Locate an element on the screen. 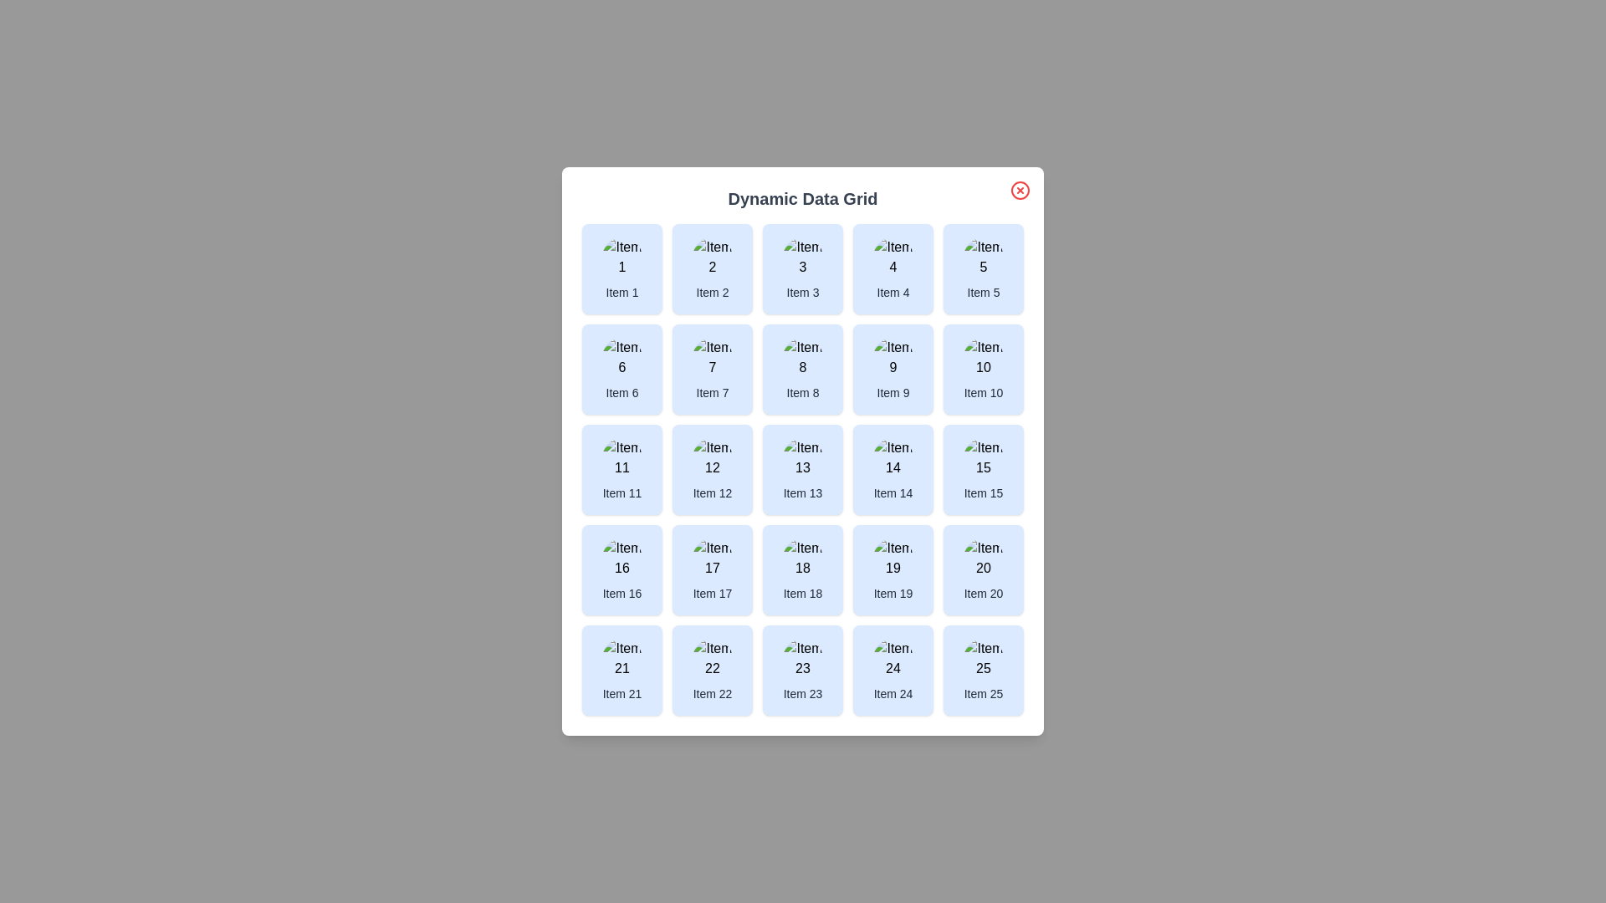 This screenshot has width=1606, height=903. the close button located in the top-right corner of the dialog box is located at coordinates (1019, 189).